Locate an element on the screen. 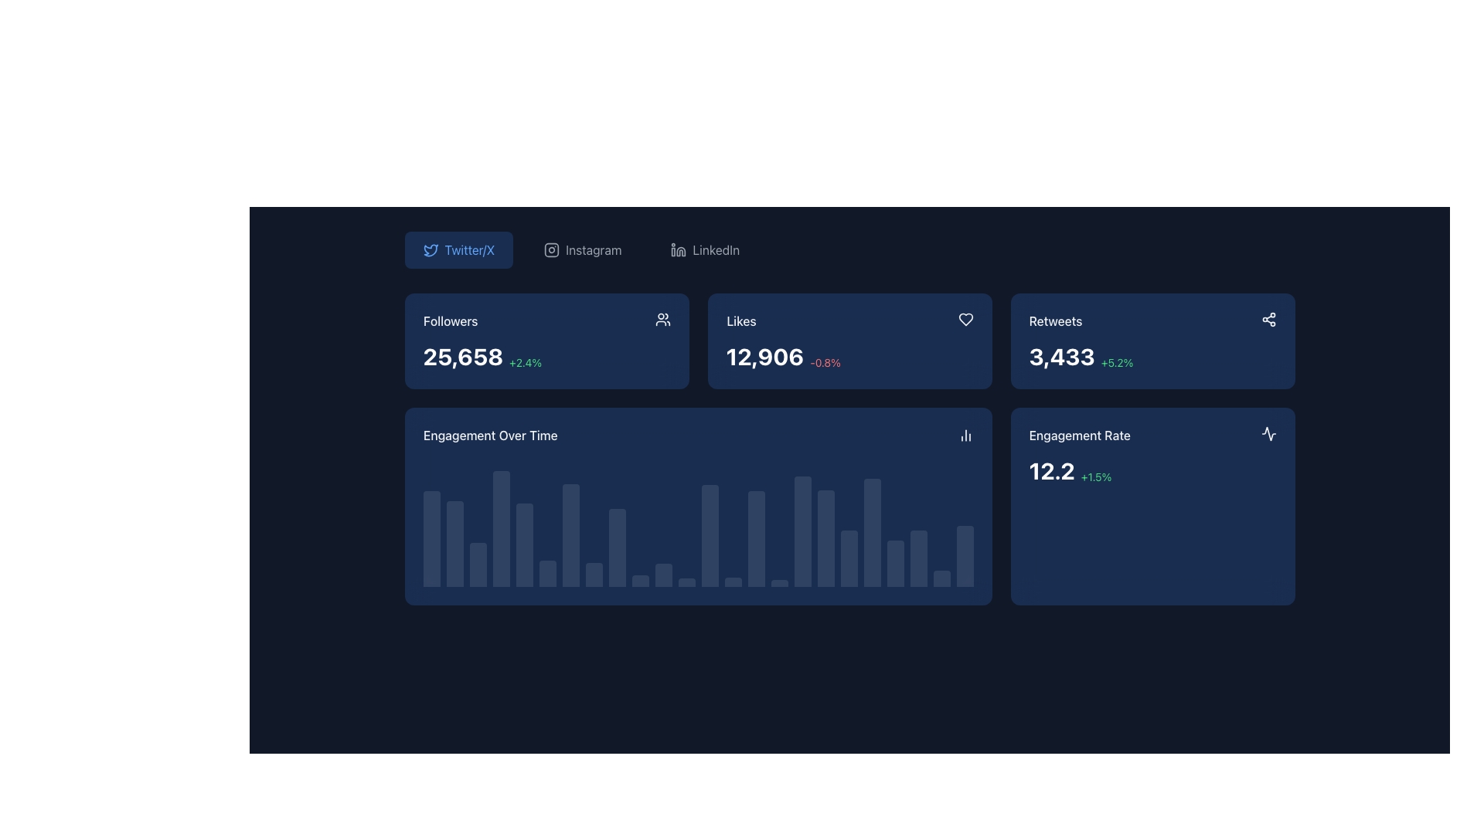 The width and height of the screenshot is (1484, 834). the primary rounded rectangle that serves as the visual frame for the Instagram logo in the top navigation area is located at coordinates (552, 249).